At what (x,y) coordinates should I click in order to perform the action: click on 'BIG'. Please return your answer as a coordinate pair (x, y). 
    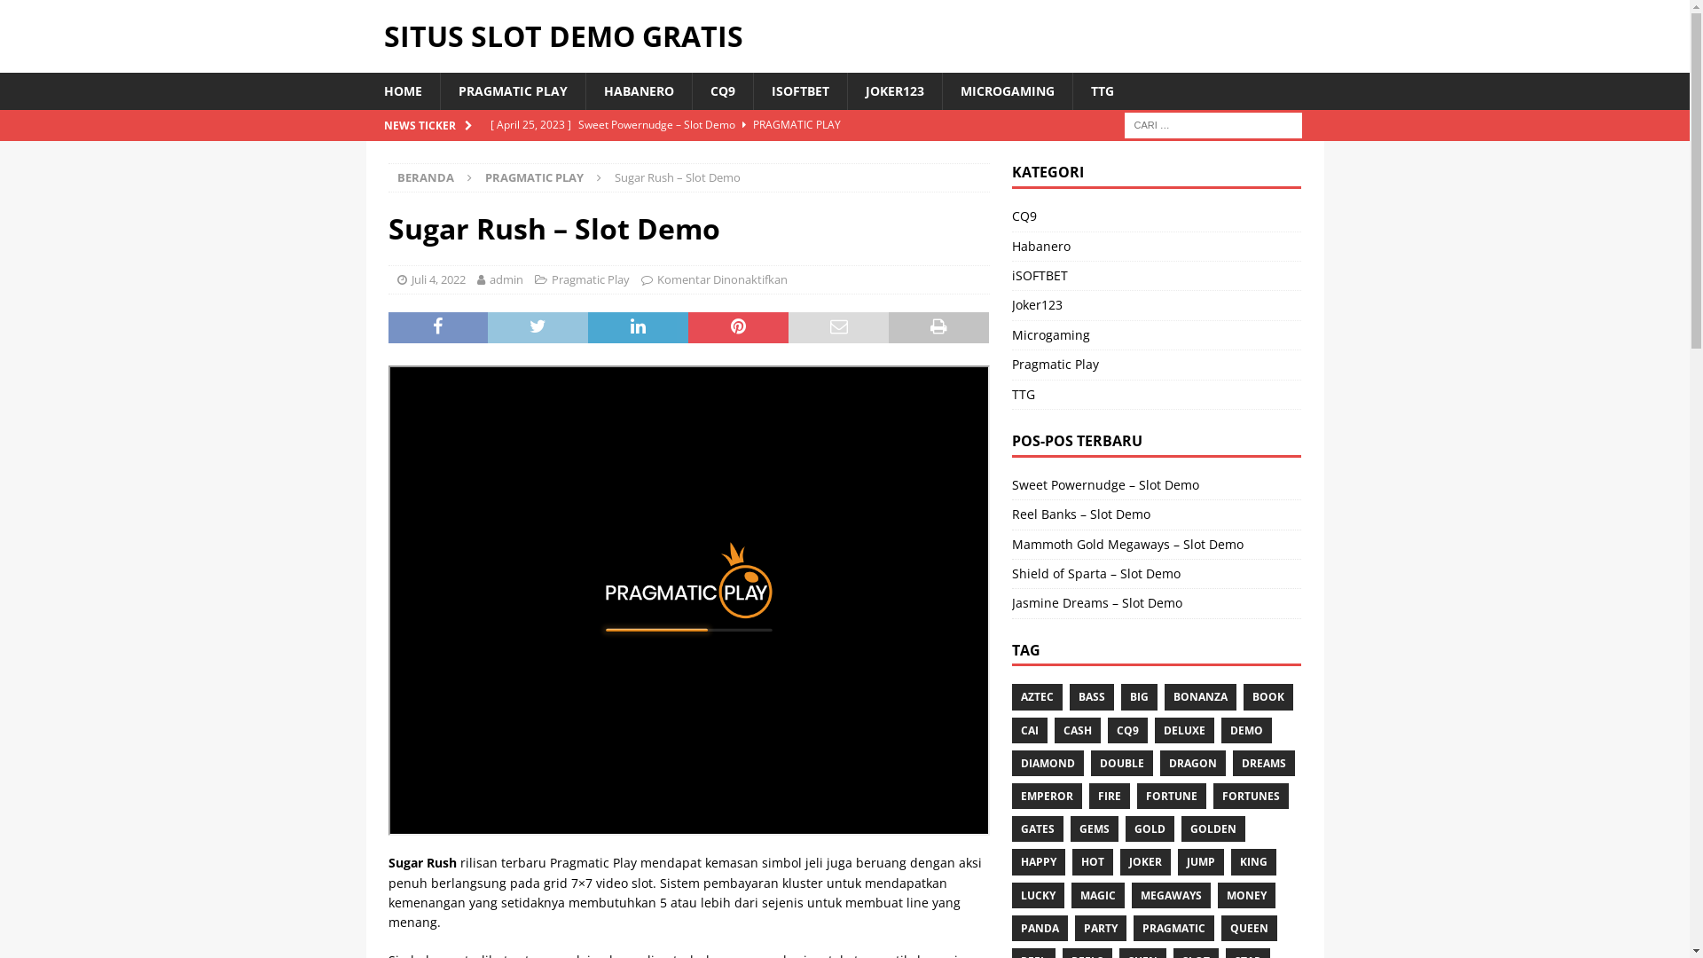
    Looking at the image, I should click on (1139, 695).